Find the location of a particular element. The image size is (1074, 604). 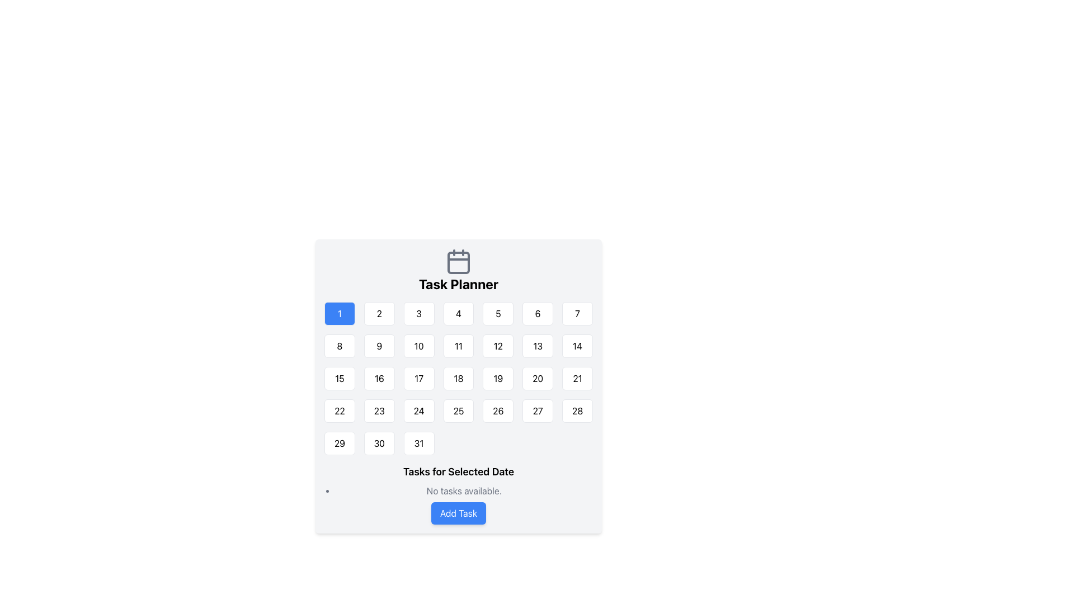

the square button with rounded corners displaying '27' in black text on a white background, located in the fourth row and sixth column of the Task Planner calendar interface is located at coordinates (538, 411).